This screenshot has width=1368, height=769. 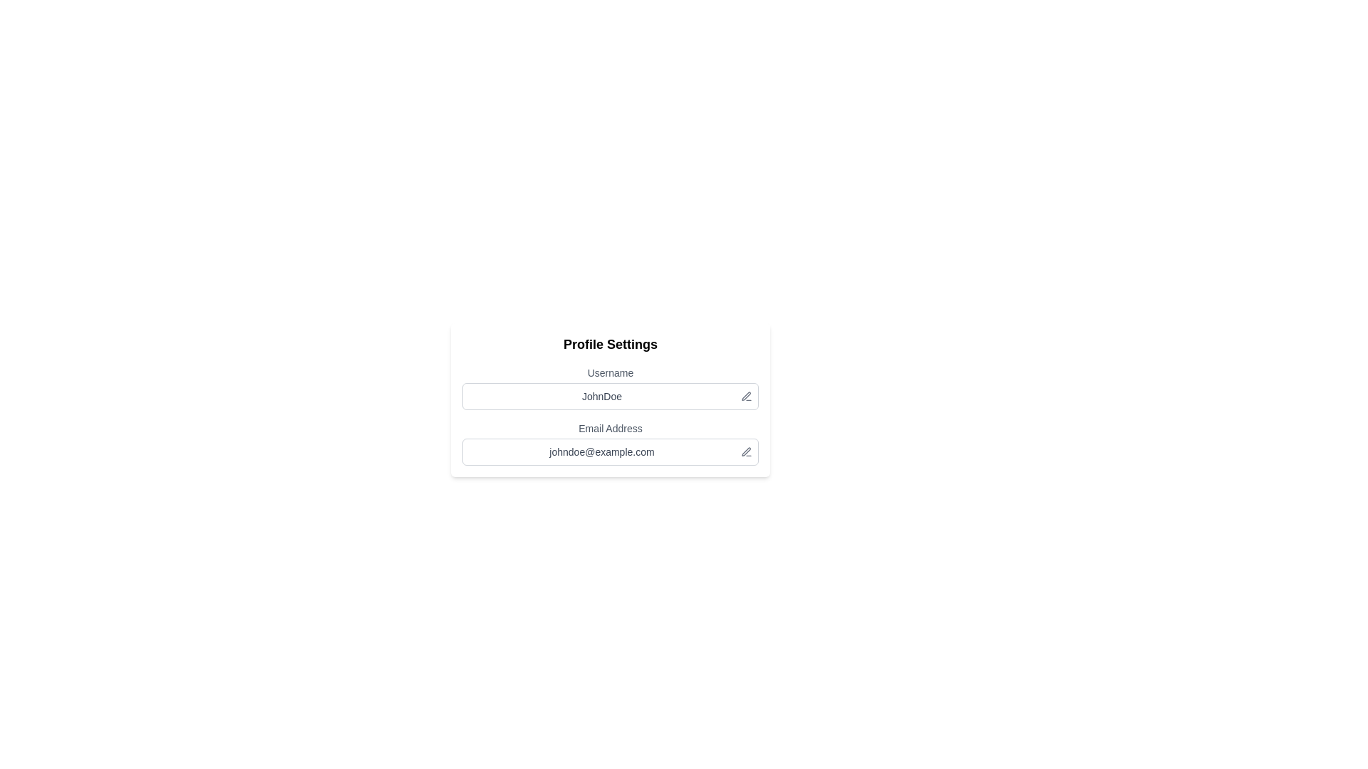 I want to click on the pen-shaped gray icon located to the right of the 'Email Address' input field, so click(x=745, y=451).